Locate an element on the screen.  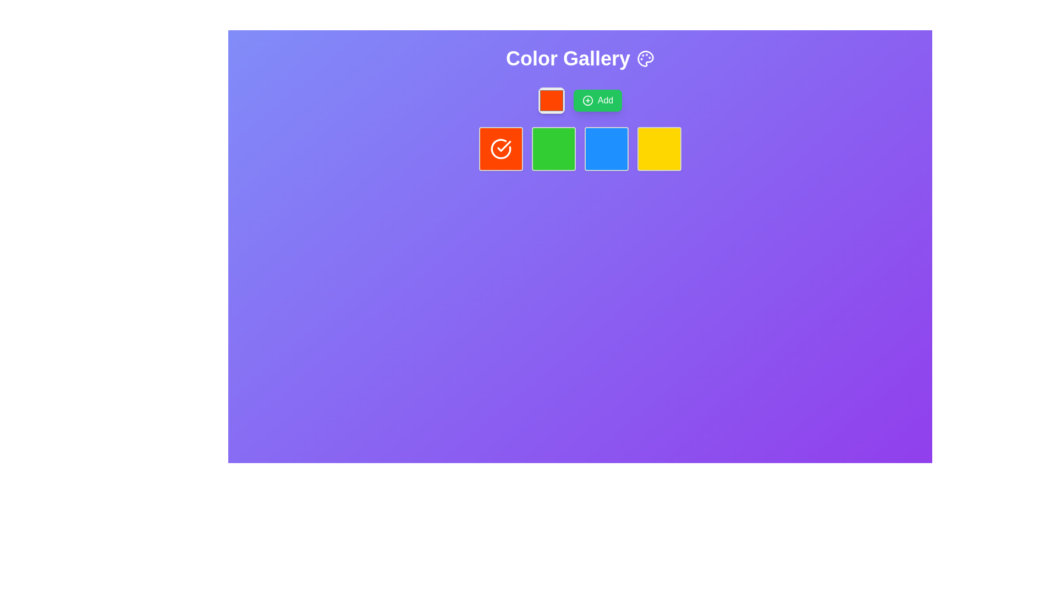
the blue square visual display block with rounded corners and a subtle shadow, positioned third in a horizontal grid layout is located at coordinates (606, 148).